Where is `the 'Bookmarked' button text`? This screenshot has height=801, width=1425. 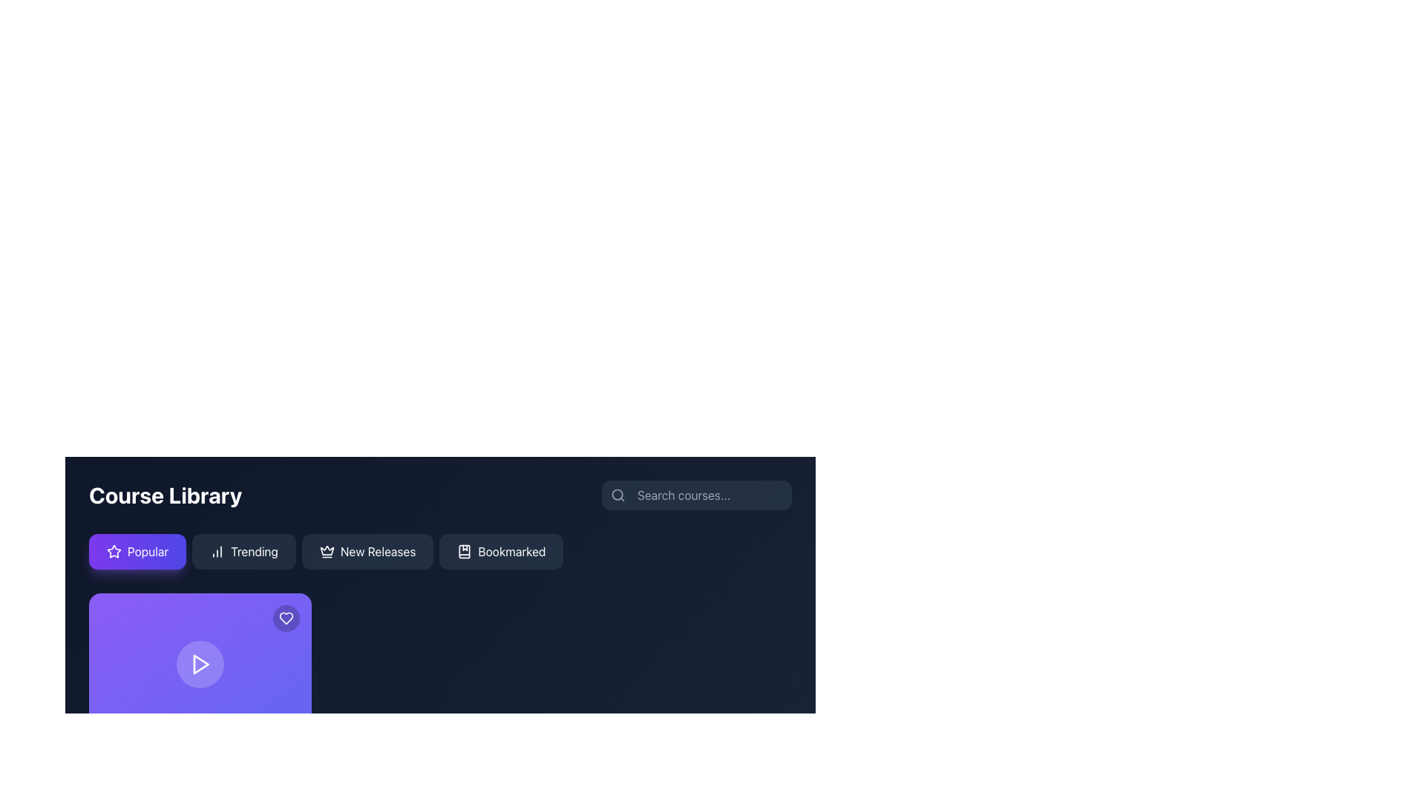 the 'Bookmarked' button text is located at coordinates (511, 552).